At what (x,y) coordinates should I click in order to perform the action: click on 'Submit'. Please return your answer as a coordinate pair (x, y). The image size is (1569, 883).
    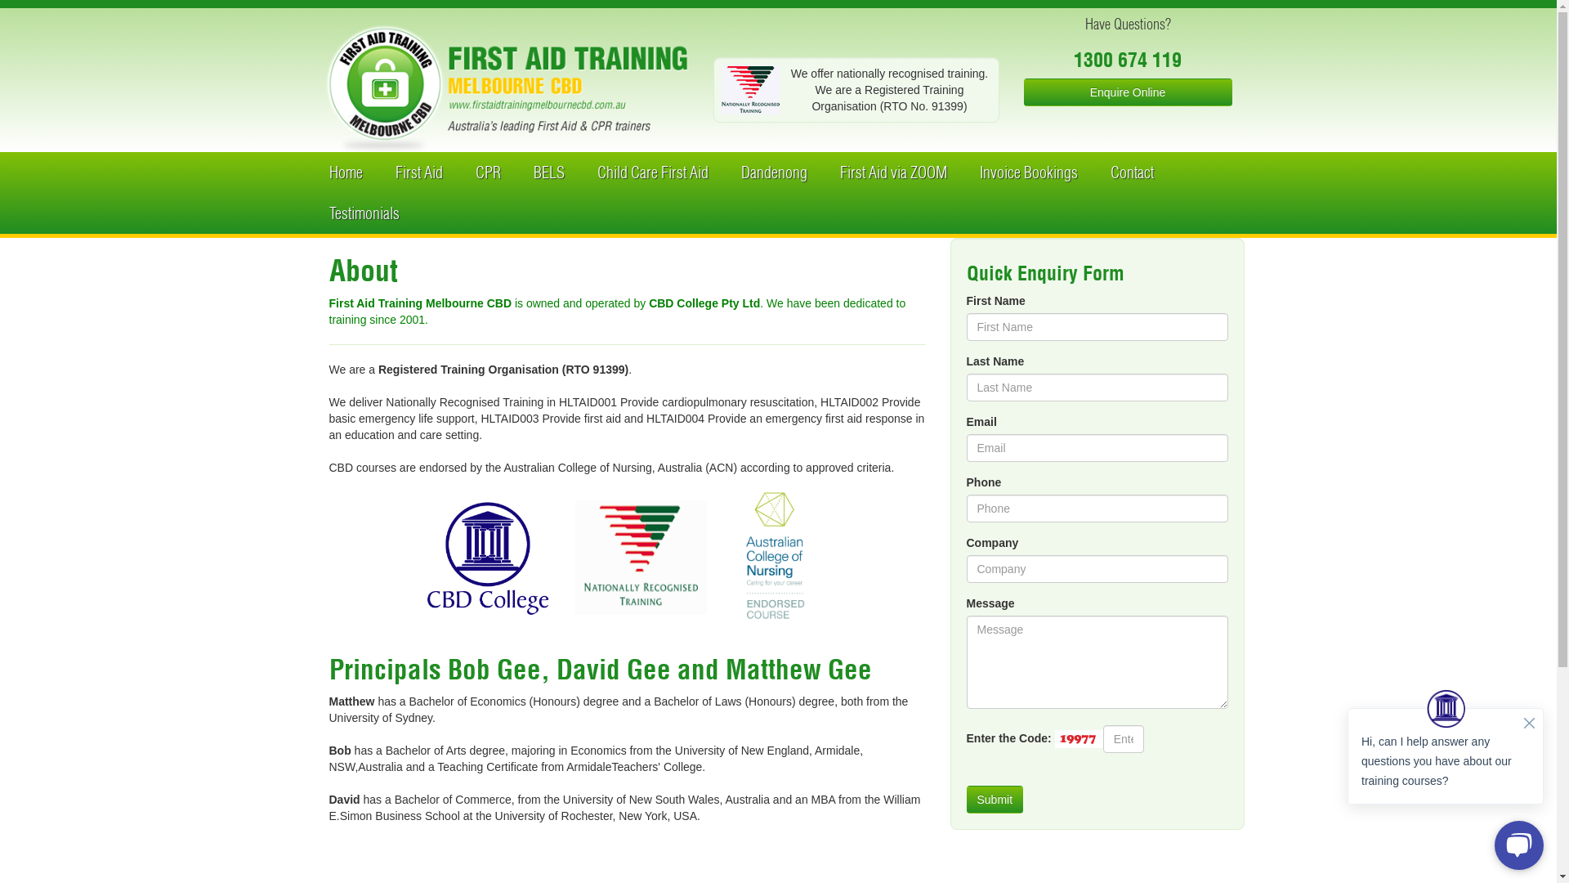
    Looking at the image, I should click on (994, 799).